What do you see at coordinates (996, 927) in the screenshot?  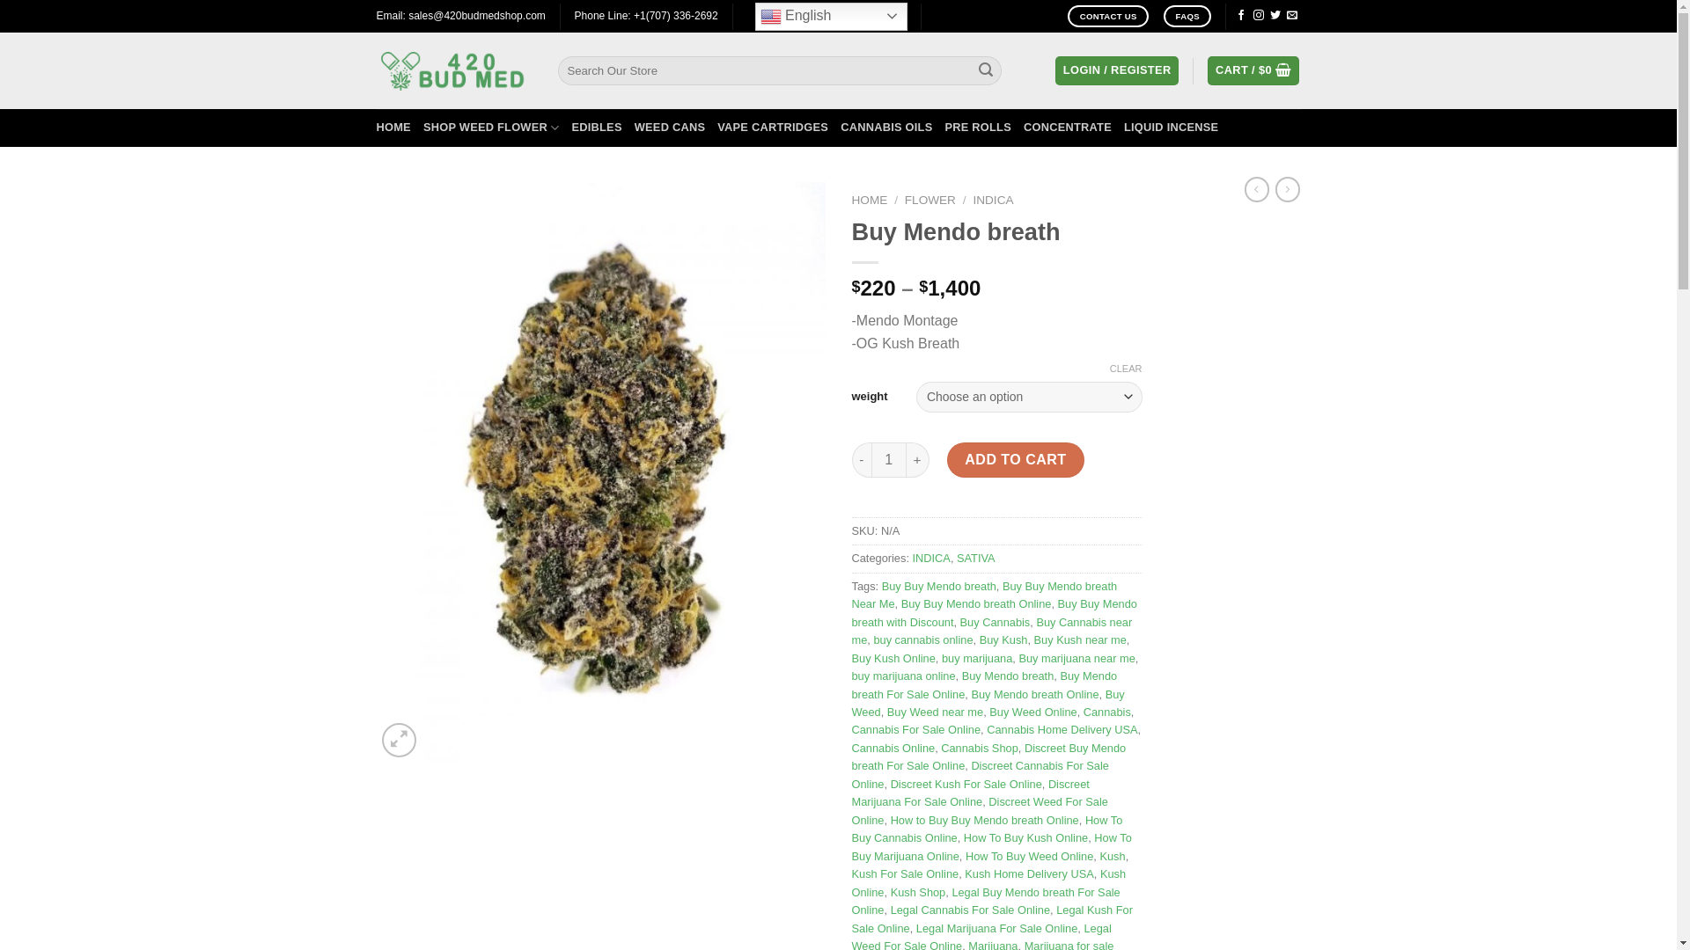 I see `'Legal Marijuana For Sale Online'` at bounding box center [996, 927].